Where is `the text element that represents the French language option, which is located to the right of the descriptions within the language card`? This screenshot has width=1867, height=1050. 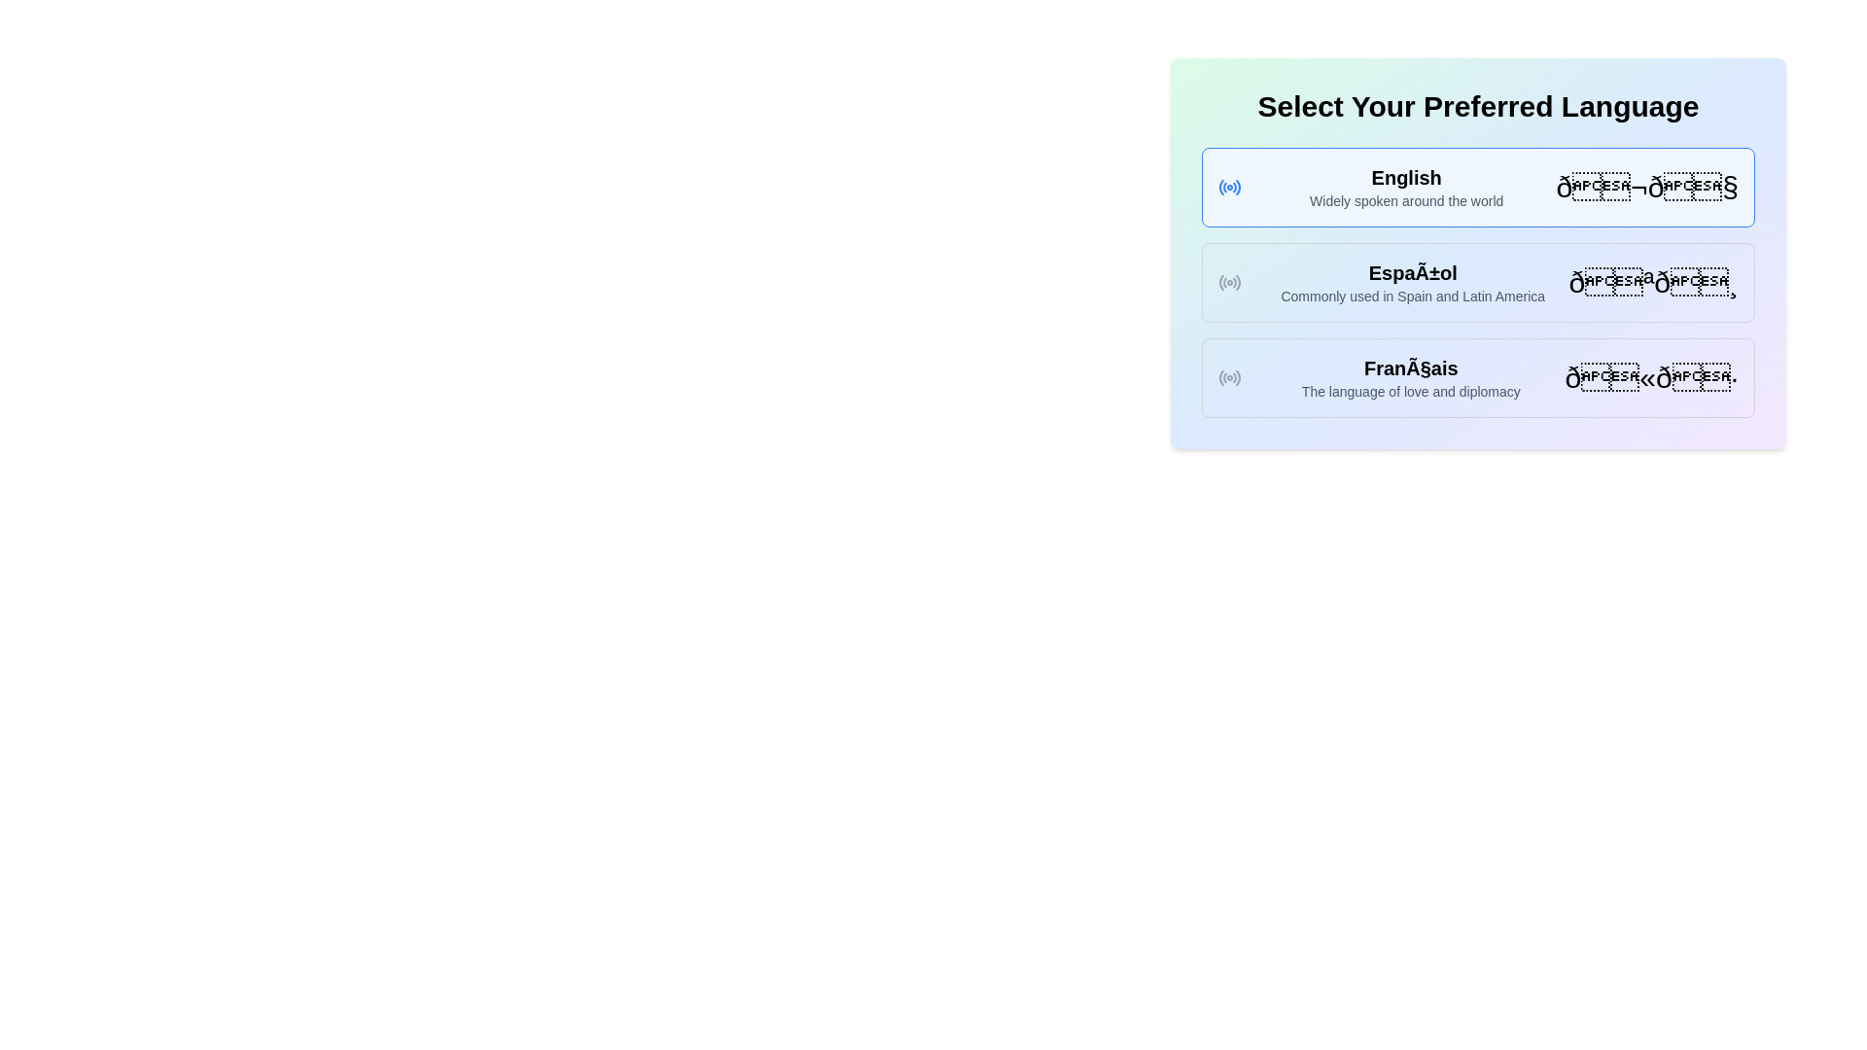
the text element that represents the French language option, which is located to the right of the descriptions within the language card is located at coordinates (1650, 378).